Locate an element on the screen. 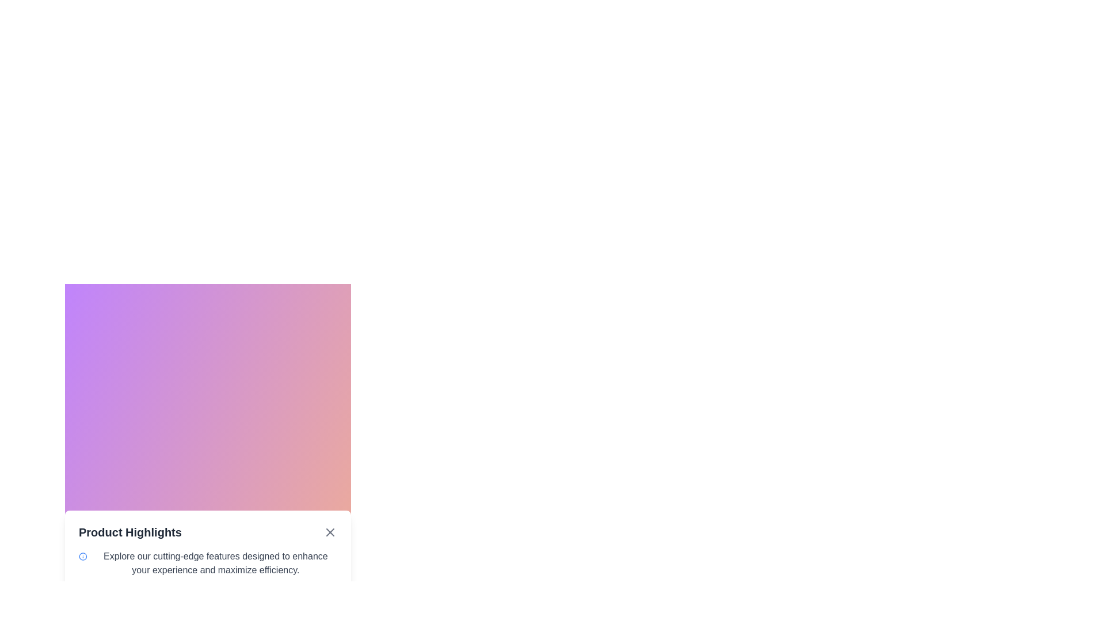  the small 'X' shaped button in the top-right corner of the 'Product Highlights' section to trigger the color change effect is located at coordinates (330, 532).